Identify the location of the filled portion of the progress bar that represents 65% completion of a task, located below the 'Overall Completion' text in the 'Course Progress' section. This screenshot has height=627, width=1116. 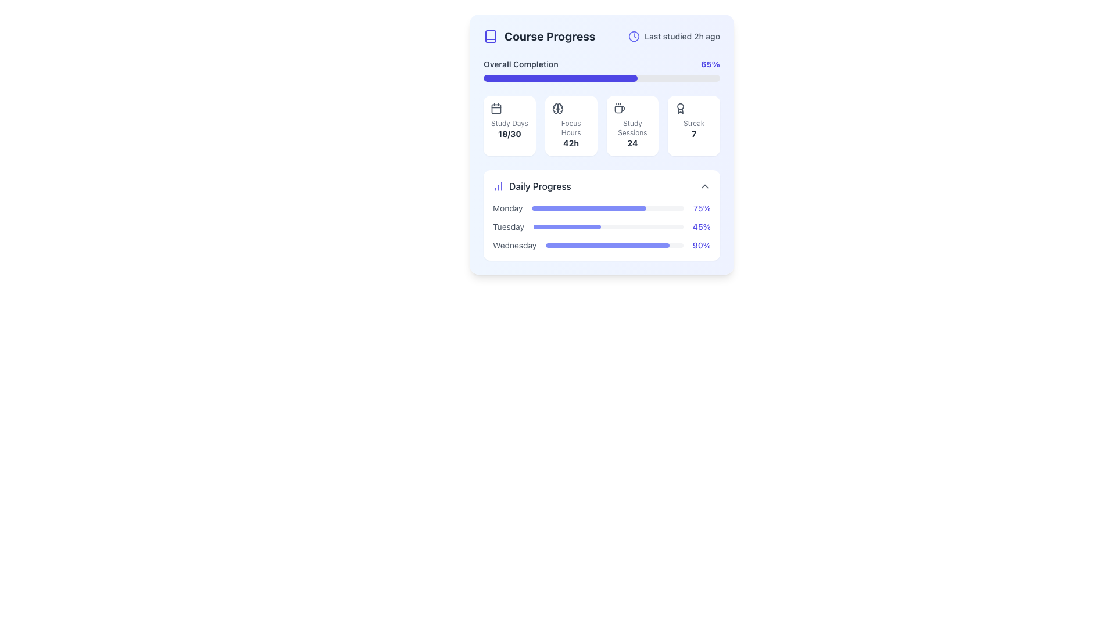
(560, 78).